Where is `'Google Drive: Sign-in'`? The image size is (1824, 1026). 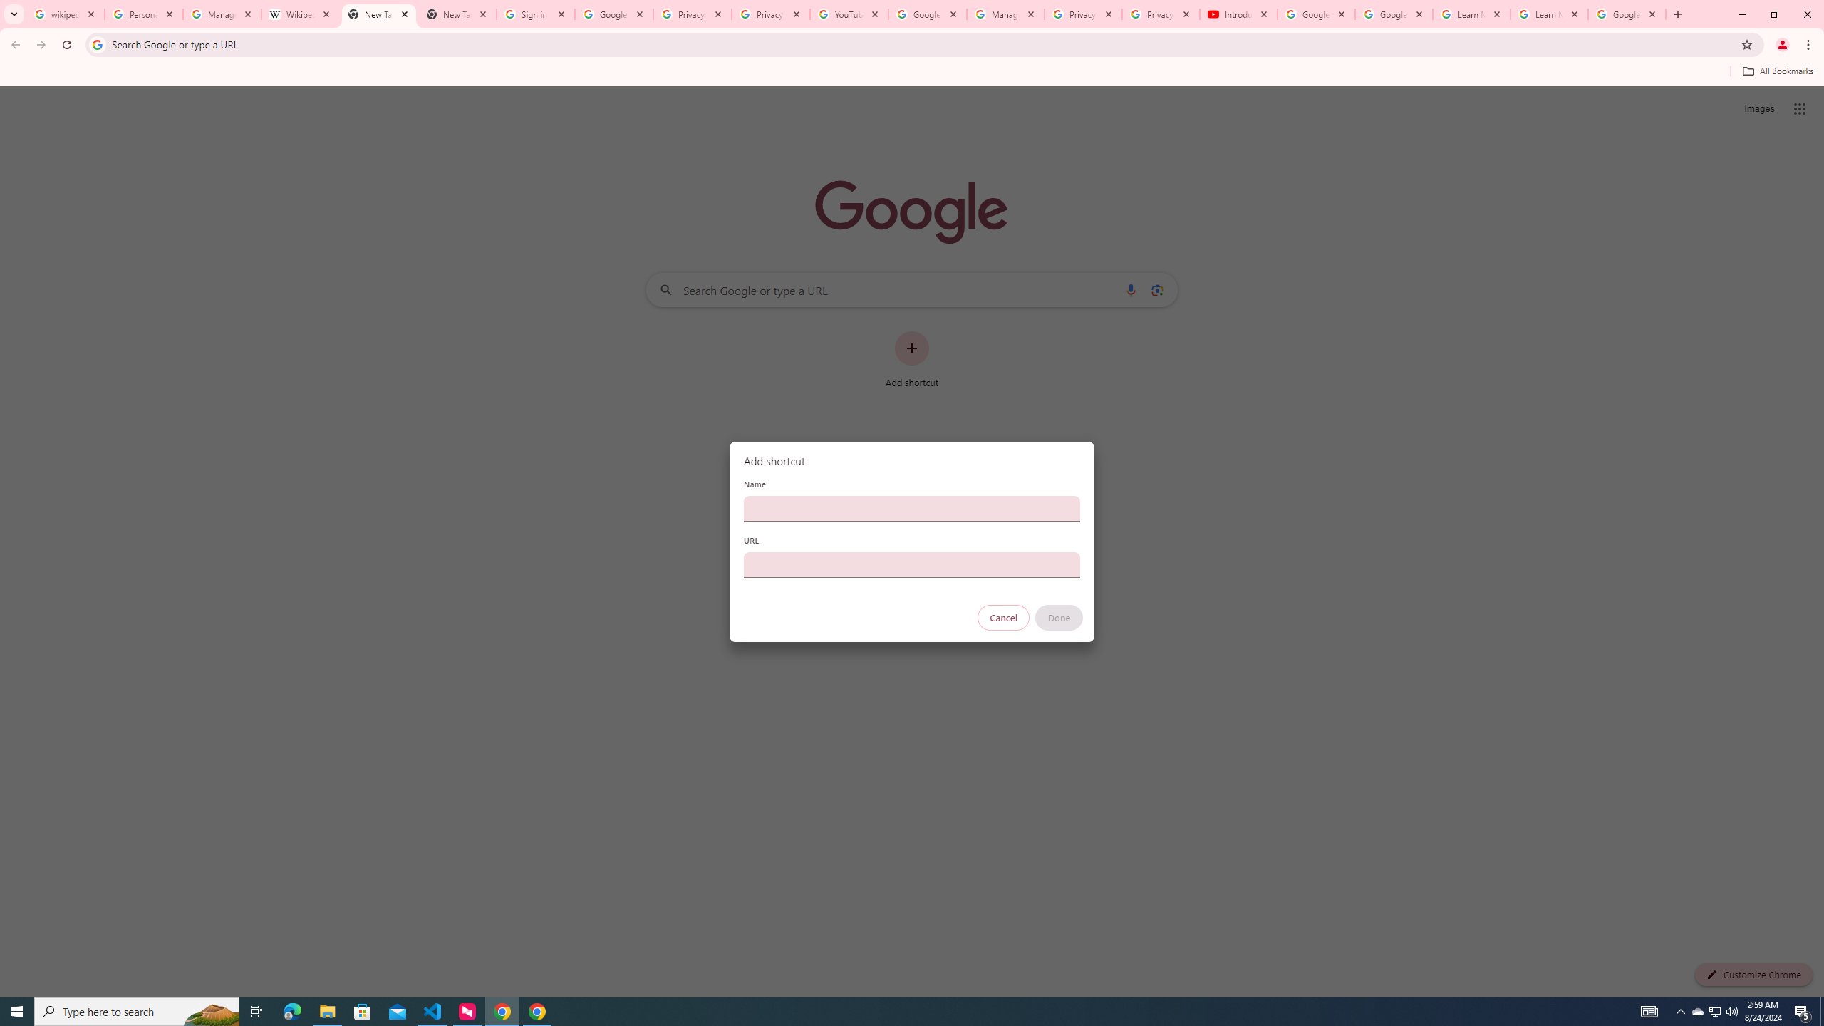
'Google Drive: Sign-in' is located at coordinates (613, 14).